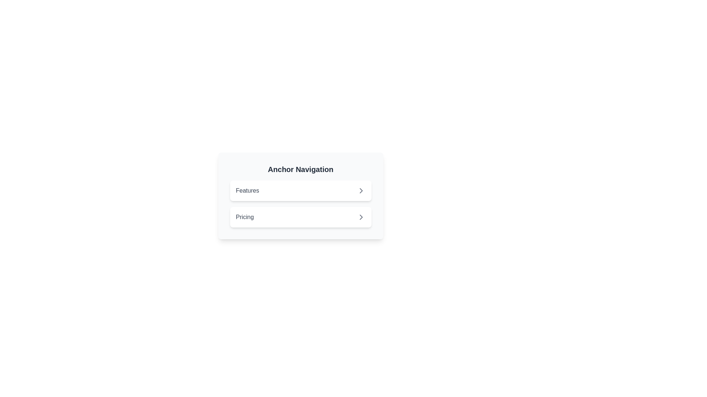 The width and height of the screenshot is (707, 397). I want to click on the chevron-right icon located to the right of the 'Features' text, so click(361, 190).